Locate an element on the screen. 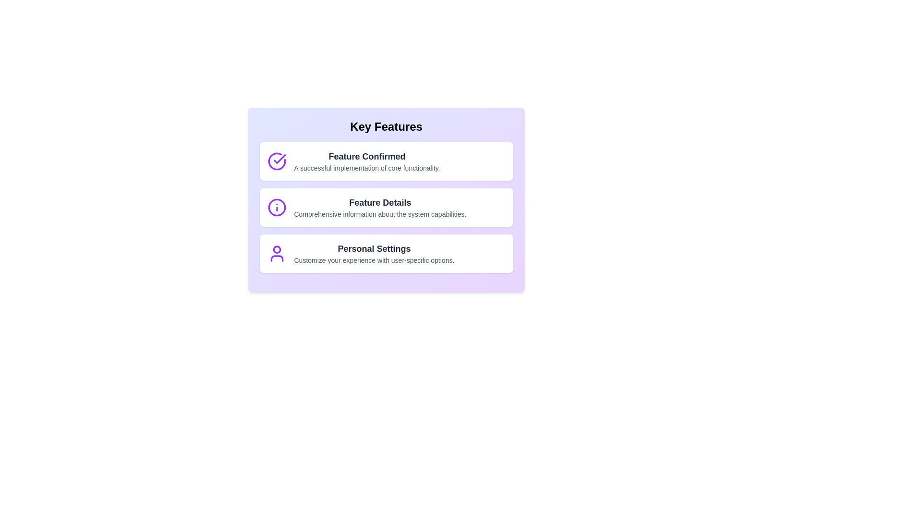 Image resolution: width=922 pixels, height=519 pixels. the feature item corresponding to Personal Settings is located at coordinates (386, 253).